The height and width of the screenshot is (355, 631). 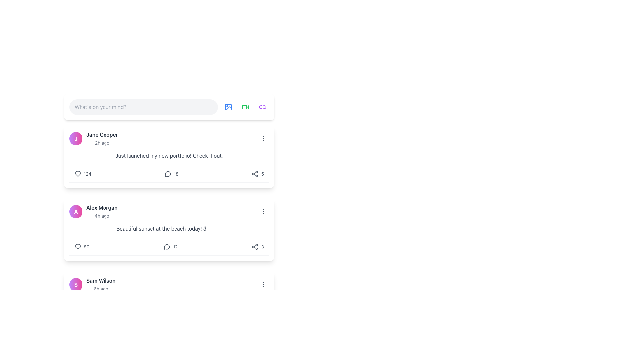 I want to click on the heart-shaped icon located in the bottom-left of the post by 'Alex Morgan', so click(x=78, y=247).